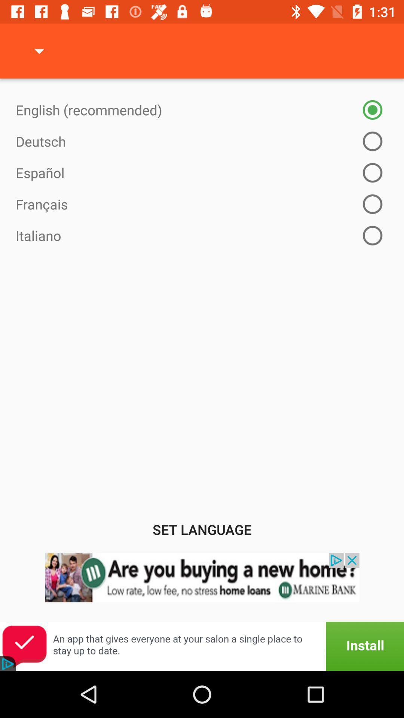  What do you see at coordinates (202, 587) in the screenshot?
I see `advertiesment` at bounding box center [202, 587].